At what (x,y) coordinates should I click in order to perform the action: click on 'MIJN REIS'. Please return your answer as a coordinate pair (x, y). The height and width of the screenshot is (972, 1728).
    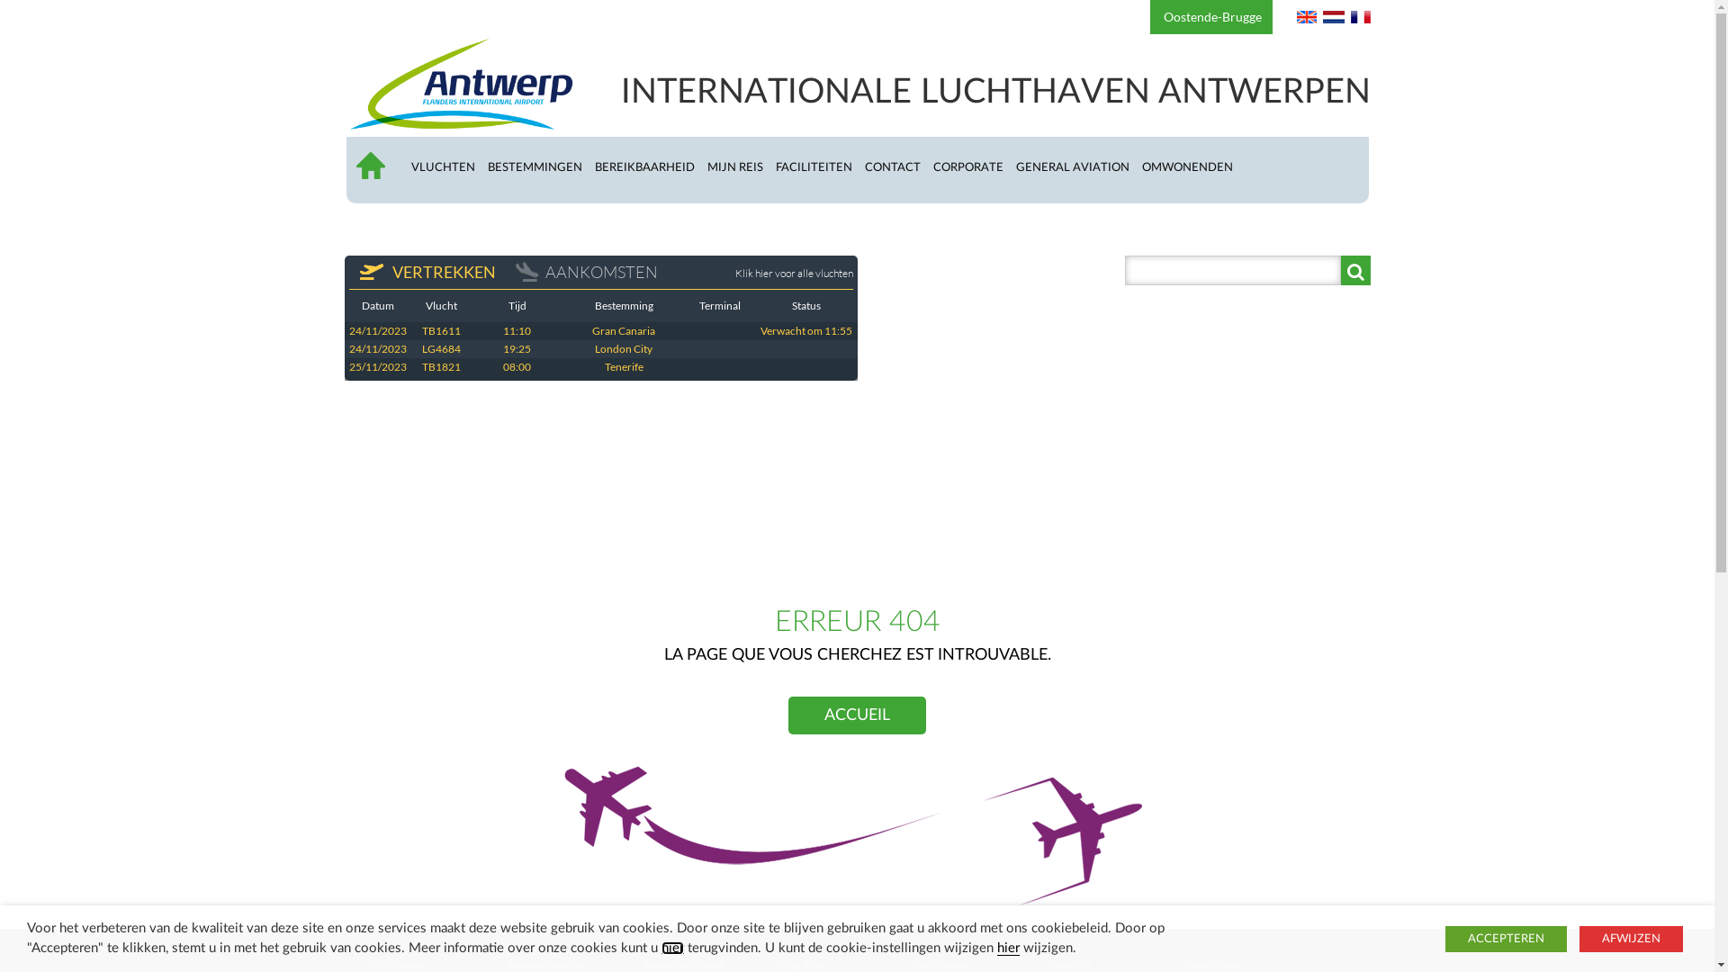
    Looking at the image, I should click on (742, 166).